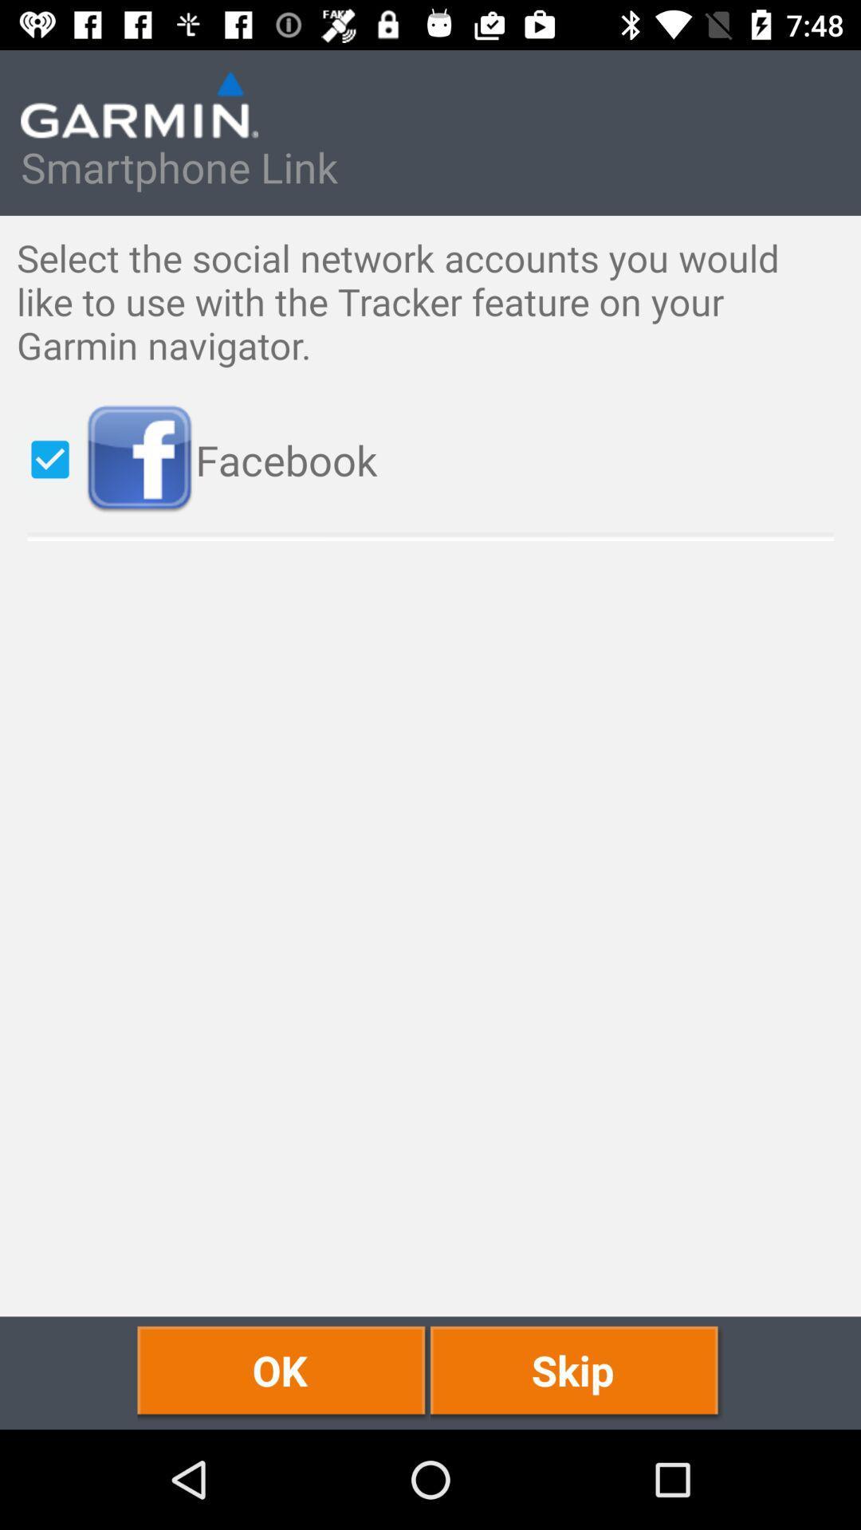 The height and width of the screenshot is (1530, 861). What do you see at coordinates (576, 1372) in the screenshot?
I see `icon to the right of the ok` at bounding box center [576, 1372].